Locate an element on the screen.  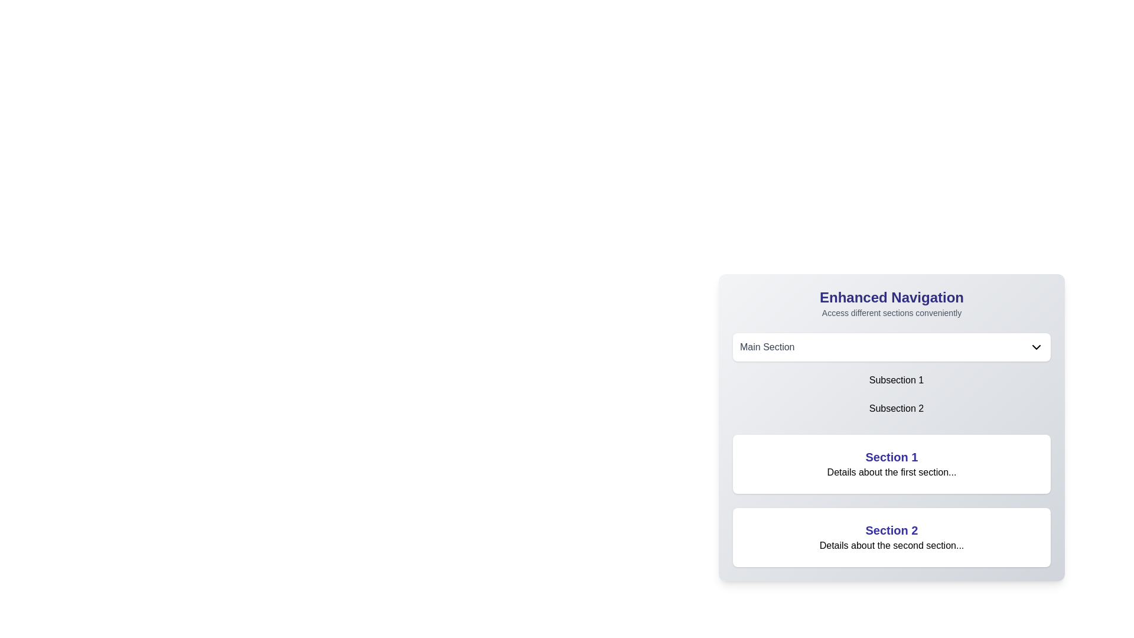
static text label that displays 'Details about the first section...' located directly underneath the 'Section 1' heading is located at coordinates (892, 471).